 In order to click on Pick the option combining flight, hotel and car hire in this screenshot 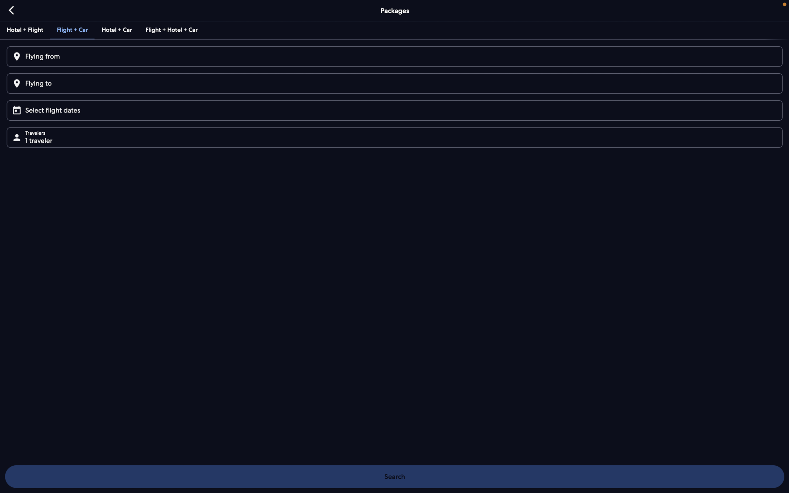, I will do `click(171, 29)`.